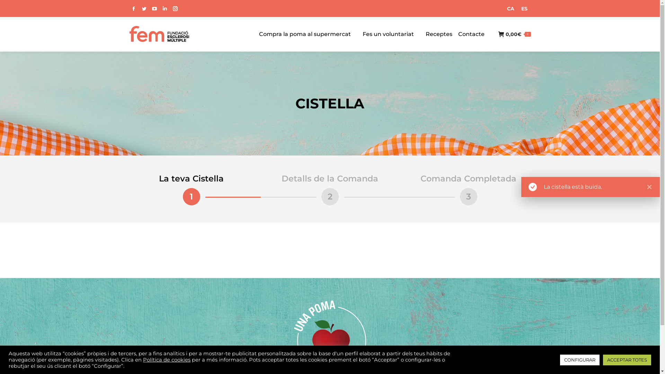 This screenshot has height=374, width=665. I want to click on 'Contacte', so click(471, 34).